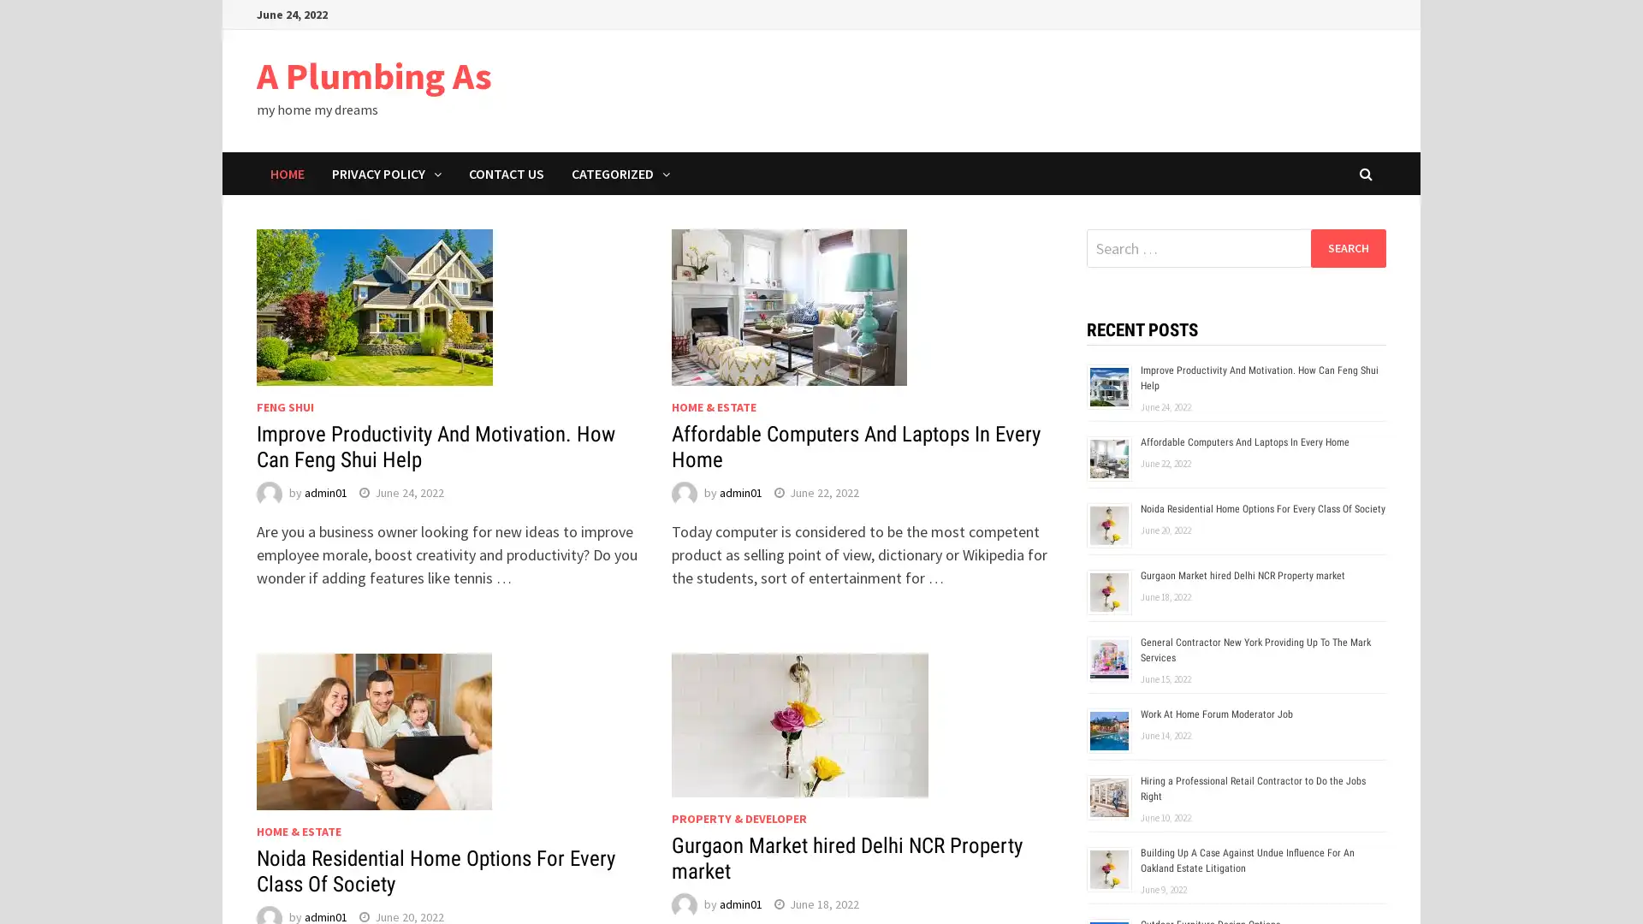 This screenshot has width=1643, height=924. I want to click on Search, so click(1347, 247).